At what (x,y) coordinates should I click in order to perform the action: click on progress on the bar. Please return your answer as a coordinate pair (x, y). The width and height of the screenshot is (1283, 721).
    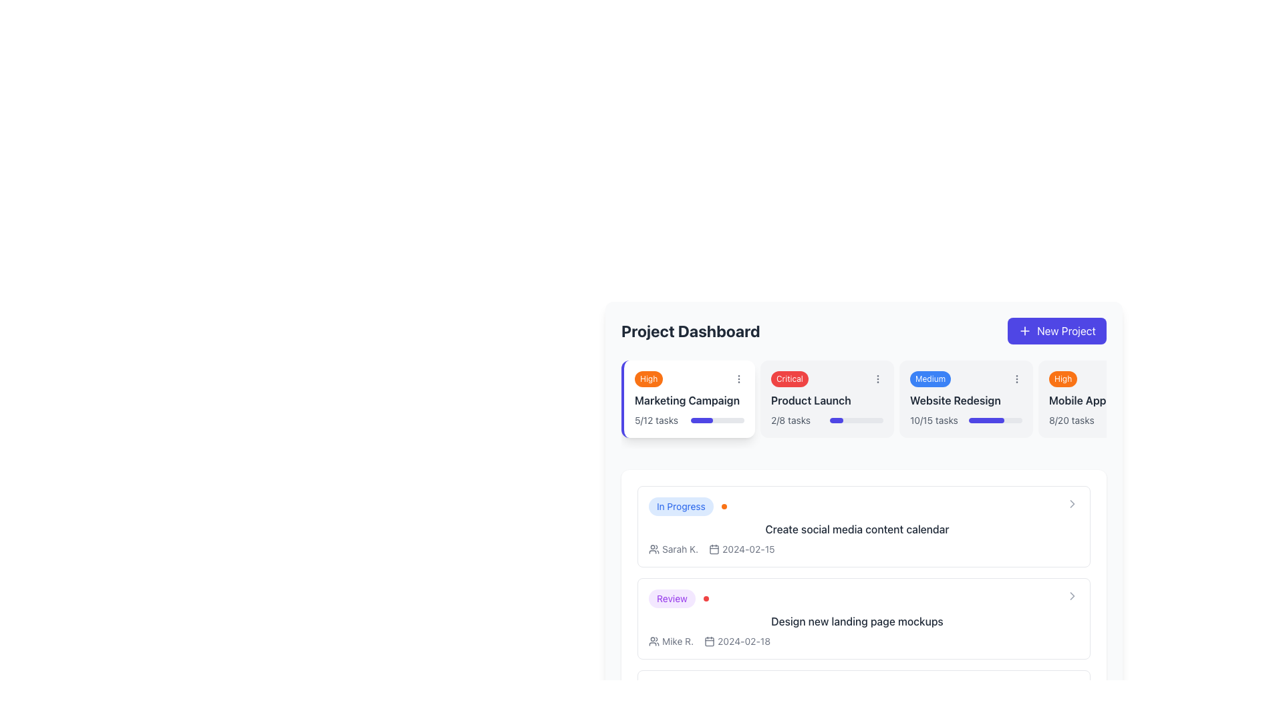
    Looking at the image, I should click on (723, 419).